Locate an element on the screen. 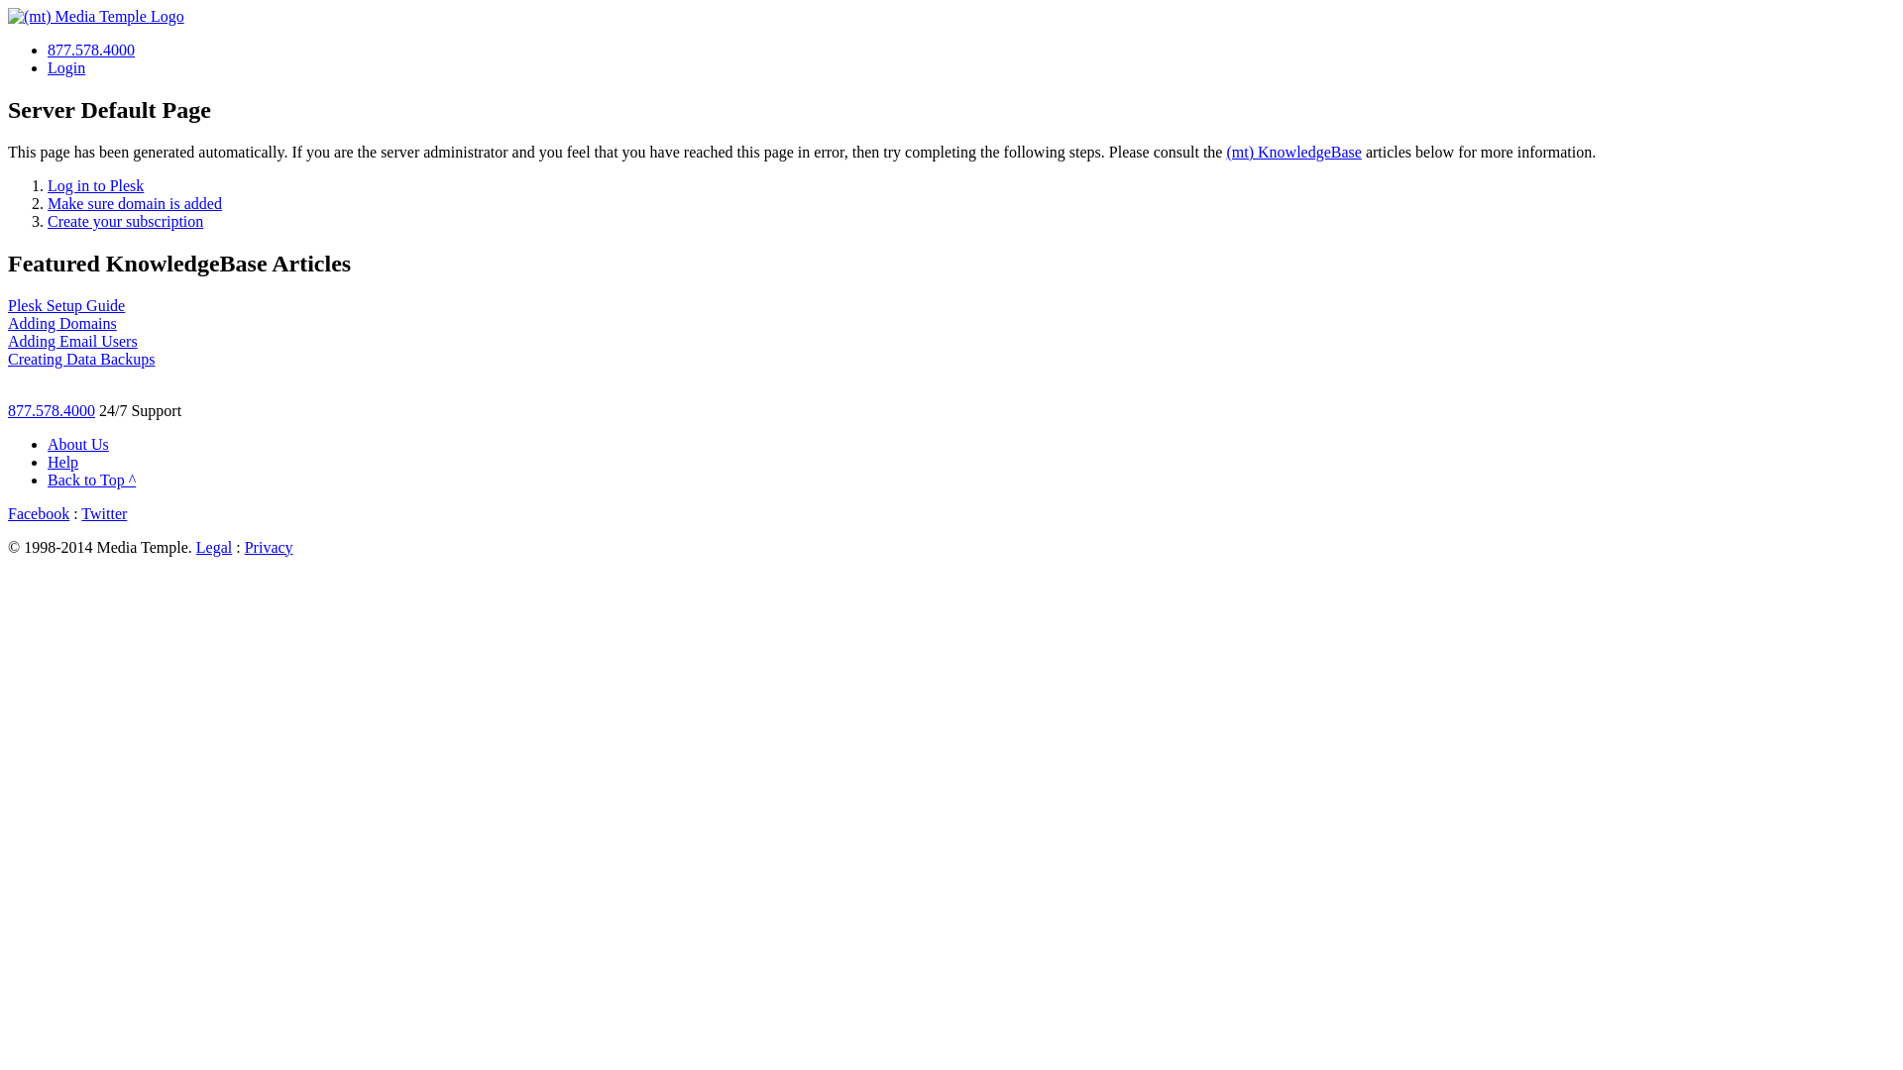  'Creating Data Backups' is located at coordinates (79, 359).